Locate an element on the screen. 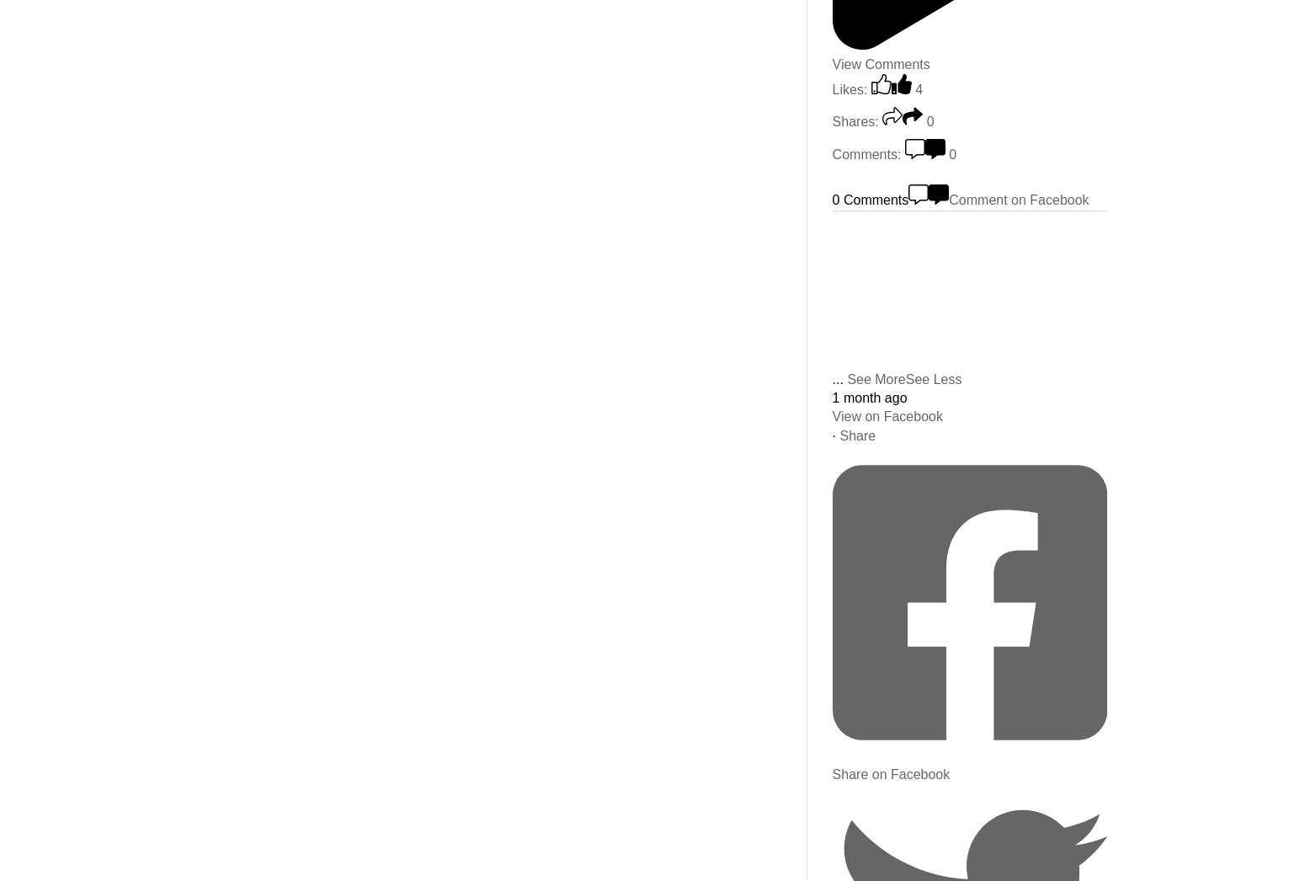 The width and height of the screenshot is (1305, 881). '...' is located at coordinates (838, 377).